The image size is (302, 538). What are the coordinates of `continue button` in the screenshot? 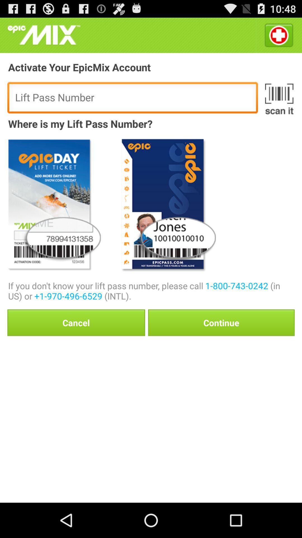 It's located at (221, 323).